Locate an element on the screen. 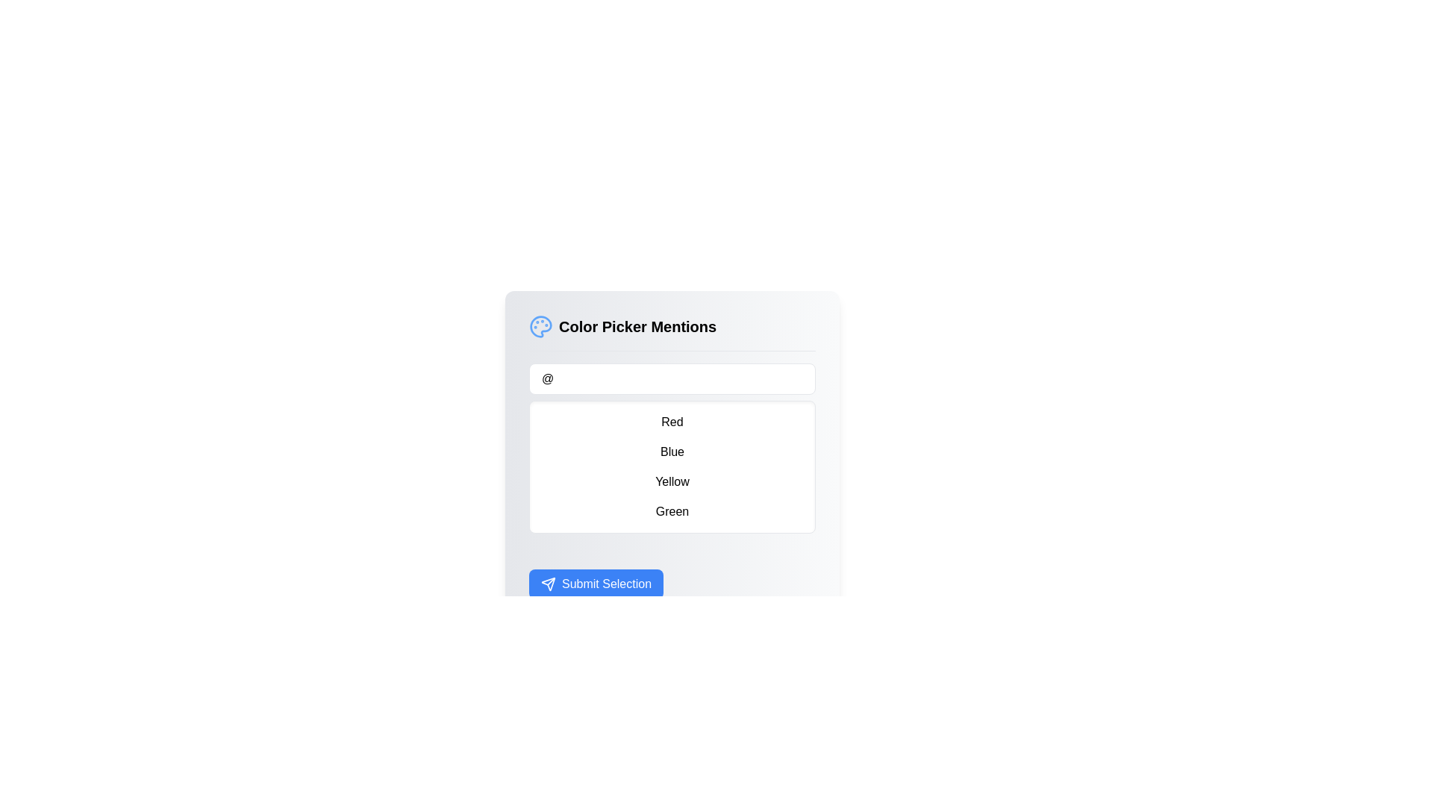 The width and height of the screenshot is (1433, 806). the list item that reads 'Red' within the vertical list of options on the touchscreen device is located at coordinates (672, 422).